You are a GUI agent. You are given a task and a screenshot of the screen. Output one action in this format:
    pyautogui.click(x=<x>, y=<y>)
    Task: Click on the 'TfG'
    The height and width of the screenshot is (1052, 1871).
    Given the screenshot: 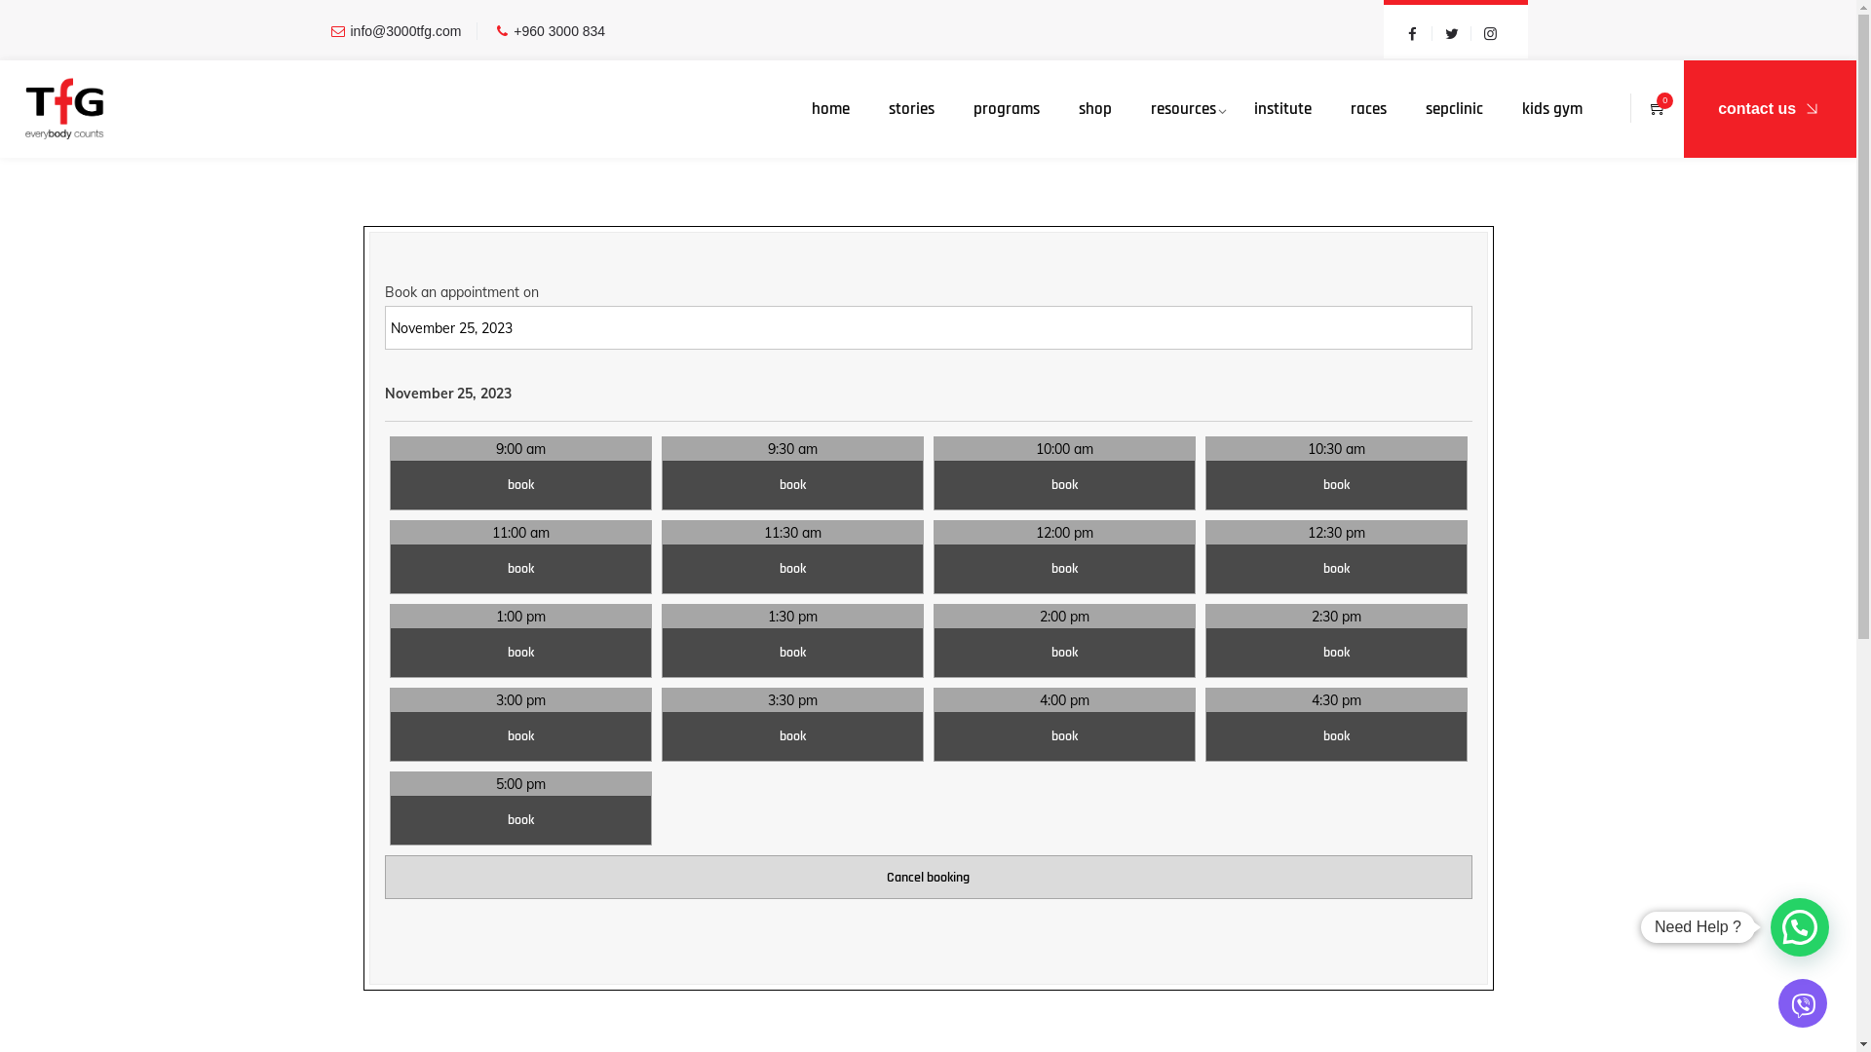 What is the action you would take?
    pyautogui.click(x=63, y=108)
    